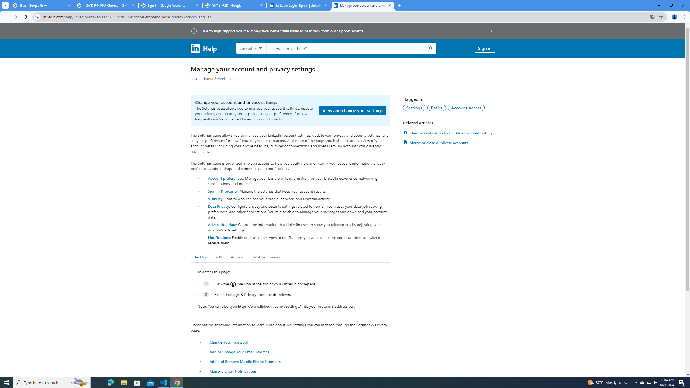 The height and width of the screenshot is (388, 690). I want to click on 'AutomationID: topic-link-a51', so click(436, 107).